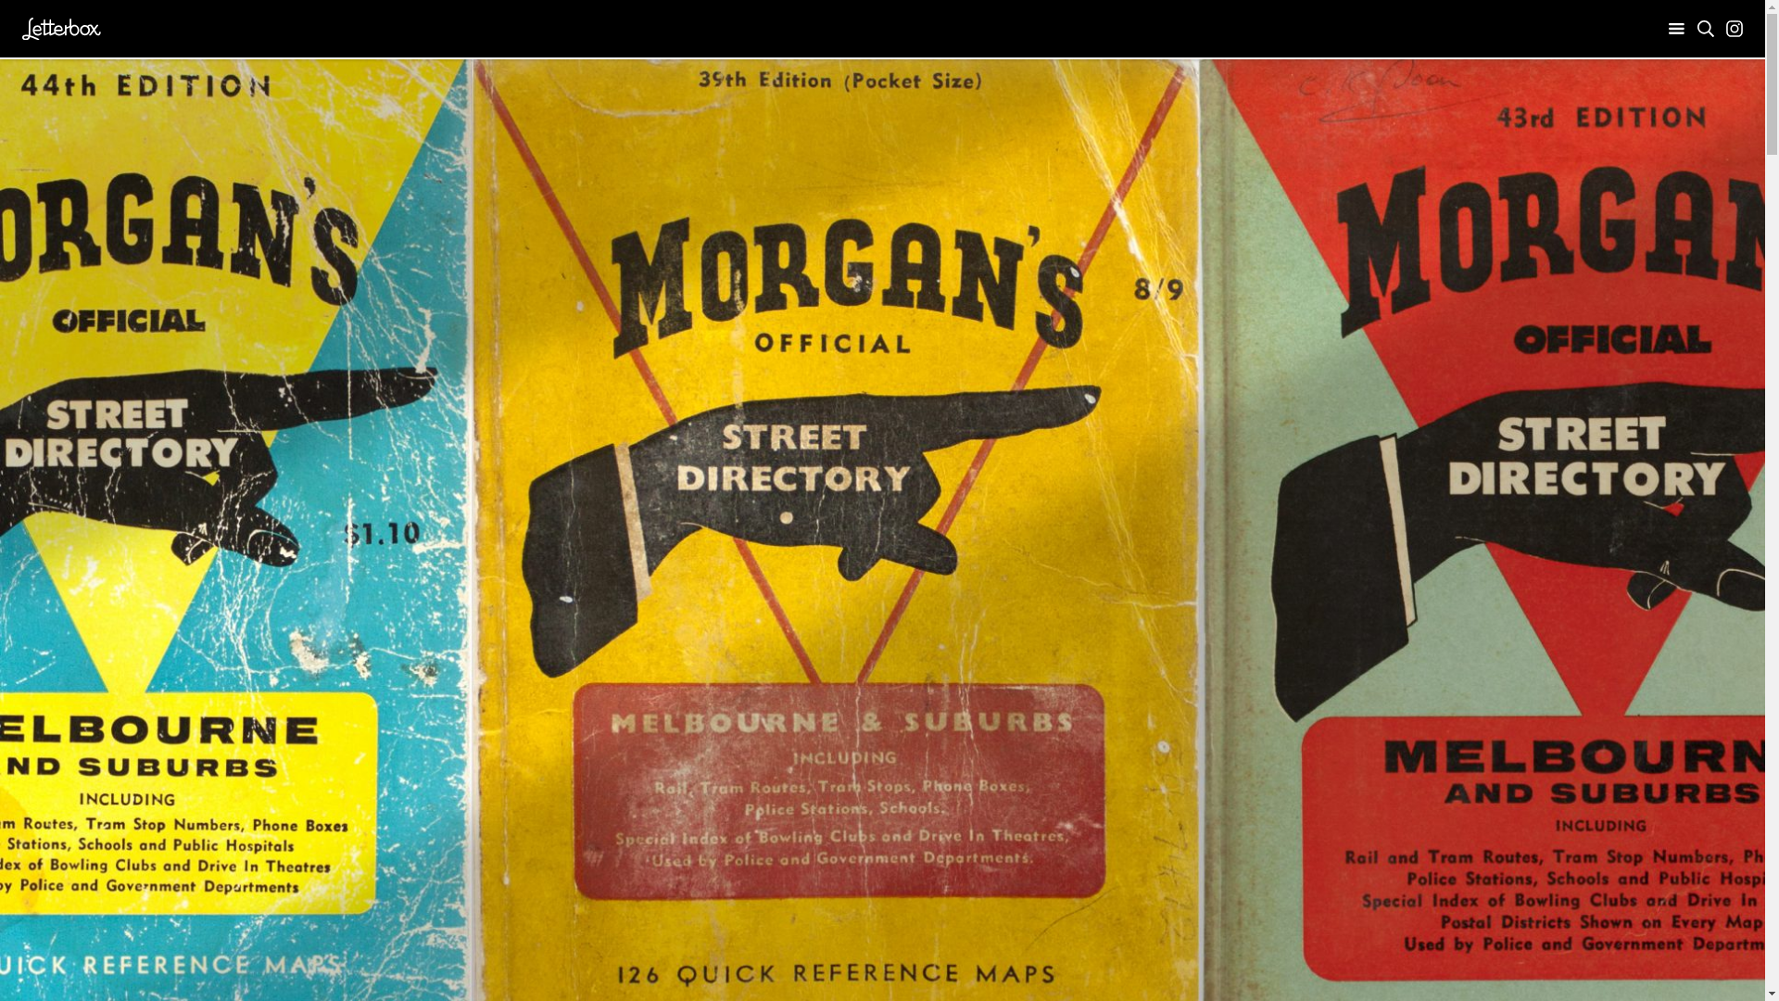  Describe the element at coordinates (1676, 29) in the screenshot. I see `'Menu'` at that location.